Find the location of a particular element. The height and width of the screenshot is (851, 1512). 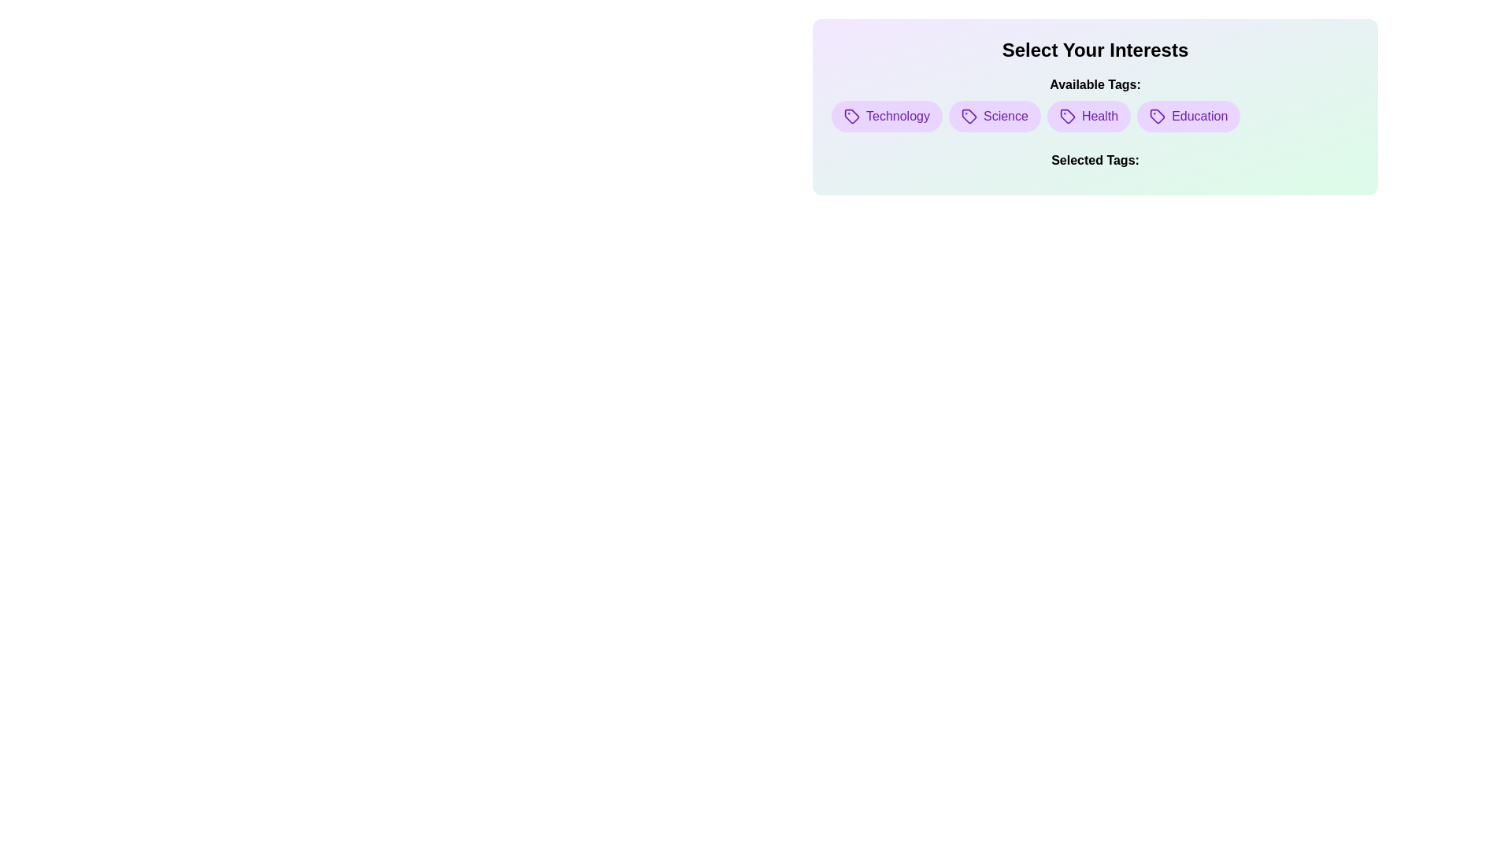

the tag icon with a purple outline located to the left of the 'Technology' text is located at coordinates (850, 115).